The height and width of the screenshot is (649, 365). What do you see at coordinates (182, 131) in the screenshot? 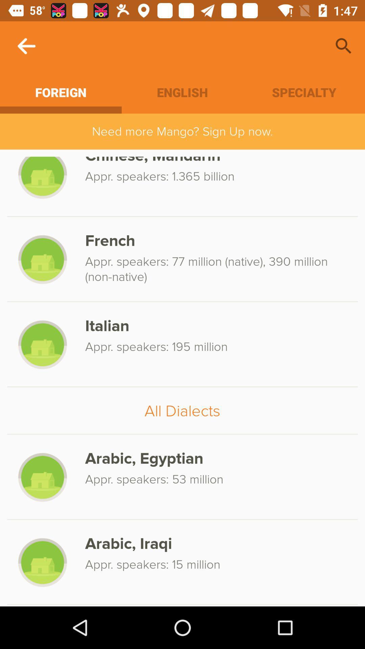
I see `need more mango` at bounding box center [182, 131].